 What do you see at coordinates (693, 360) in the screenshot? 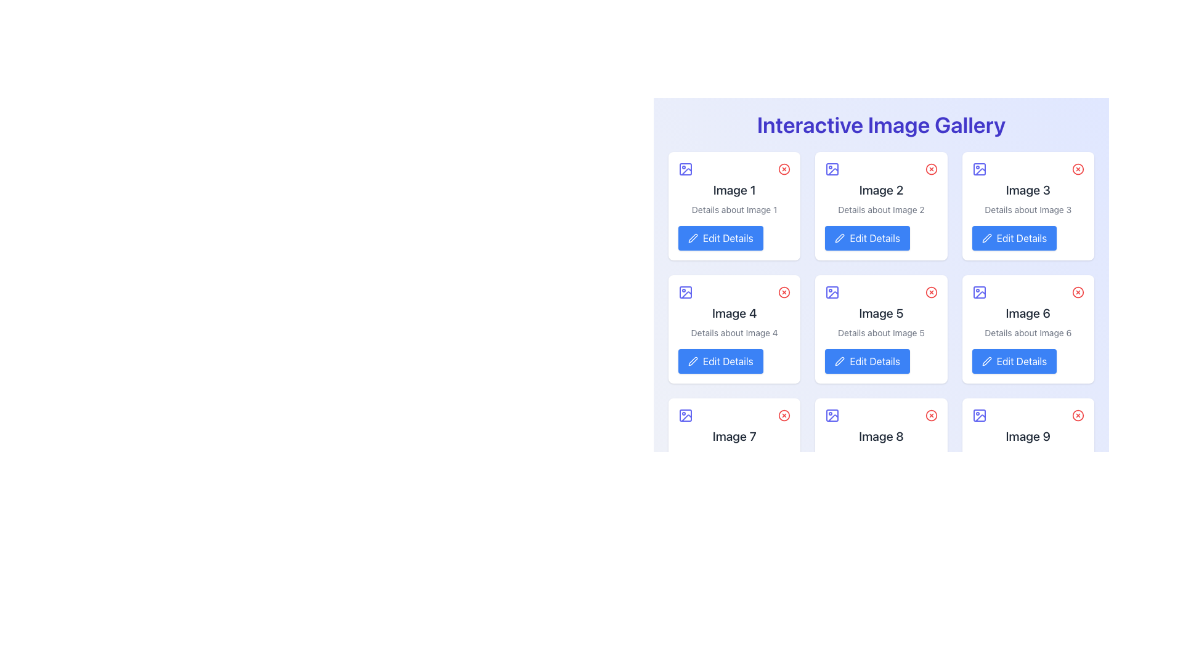
I see `the edit icon located in the second column of the second row of the image card labeled 'Image 4'` at bounding box center [693, 360].